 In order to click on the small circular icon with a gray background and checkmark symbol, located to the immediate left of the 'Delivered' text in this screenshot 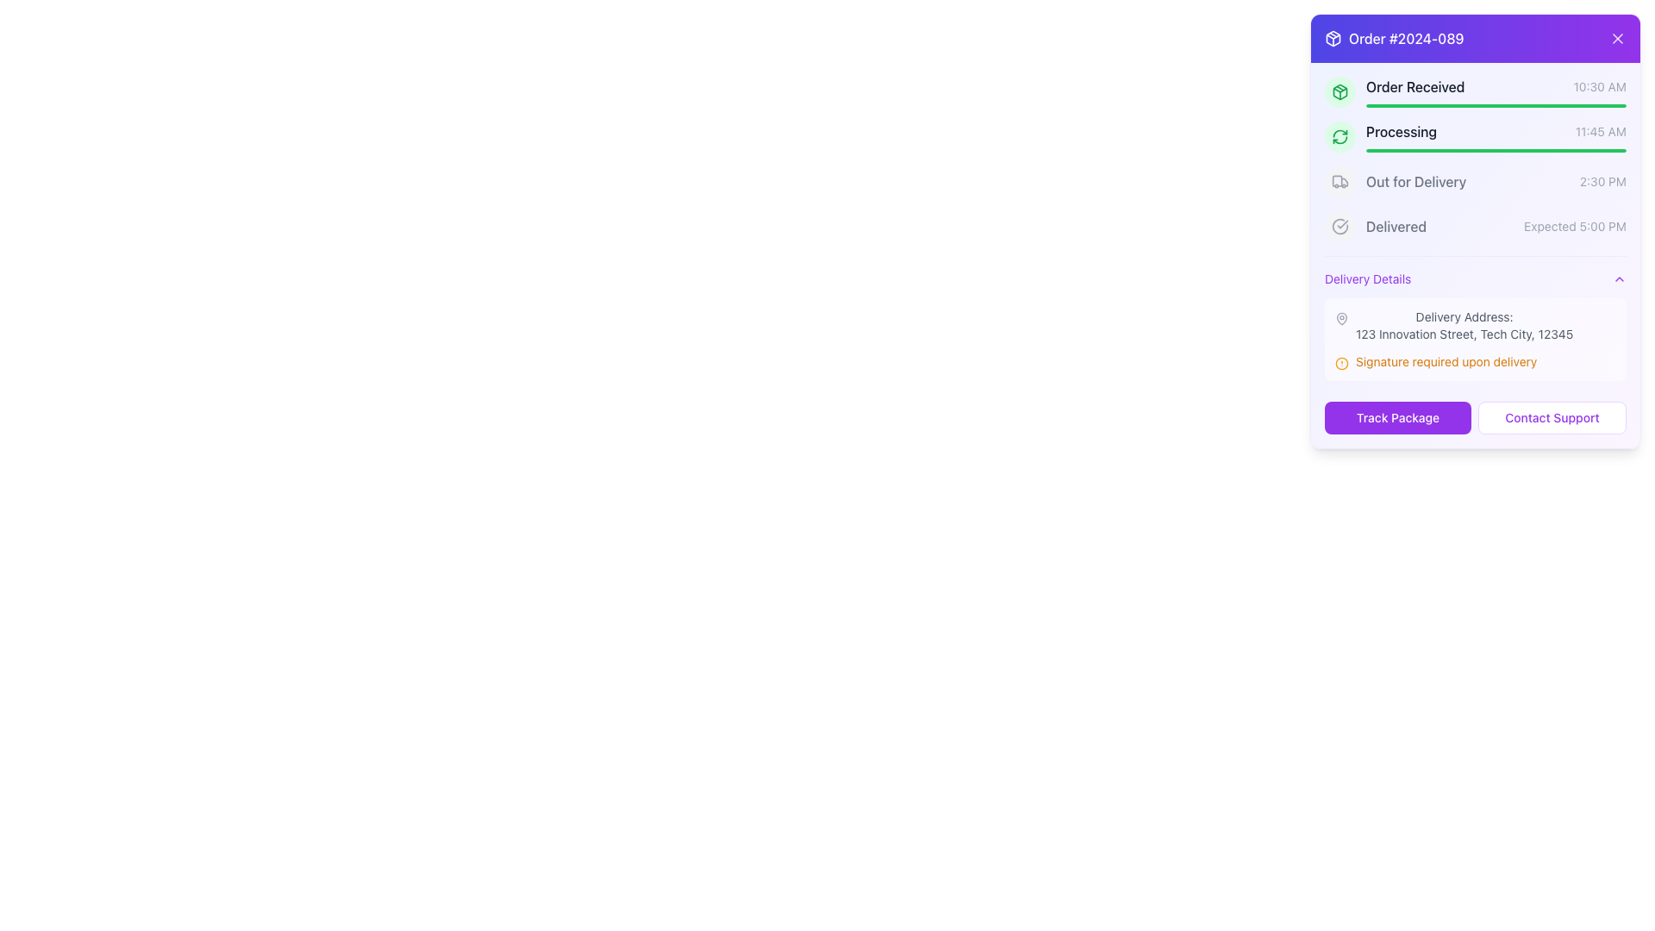, I will do `click(1340, 225)`.